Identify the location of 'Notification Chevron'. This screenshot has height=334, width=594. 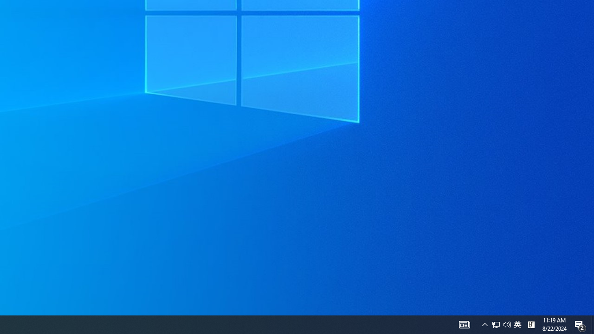
(496, 324).